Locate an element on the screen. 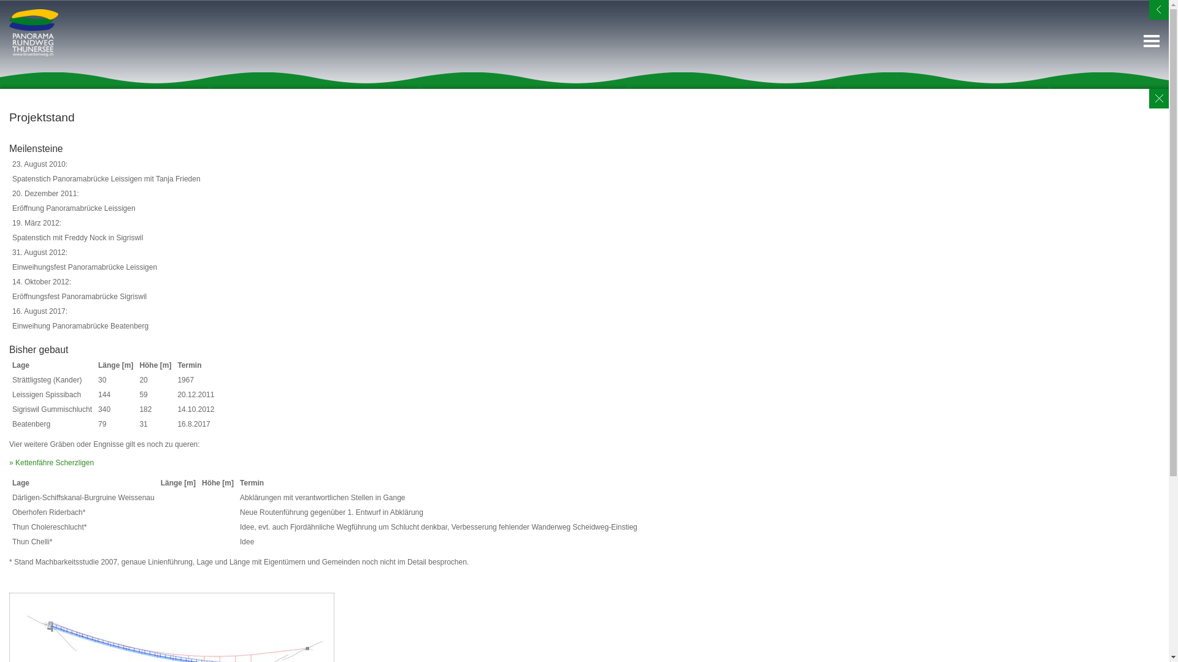 Image resolution: width=1178 pixels, height=662 pixels. 'Verein Panorama Rundweg Thunersee' is located at coordinates (33, 32).